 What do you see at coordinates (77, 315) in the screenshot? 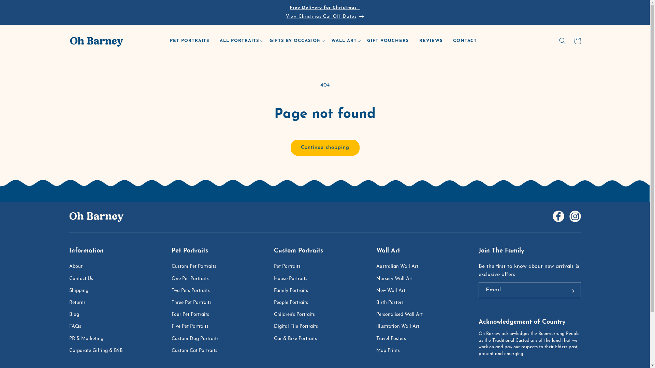
I see `'Blog'` at bounding box center [77, 315].